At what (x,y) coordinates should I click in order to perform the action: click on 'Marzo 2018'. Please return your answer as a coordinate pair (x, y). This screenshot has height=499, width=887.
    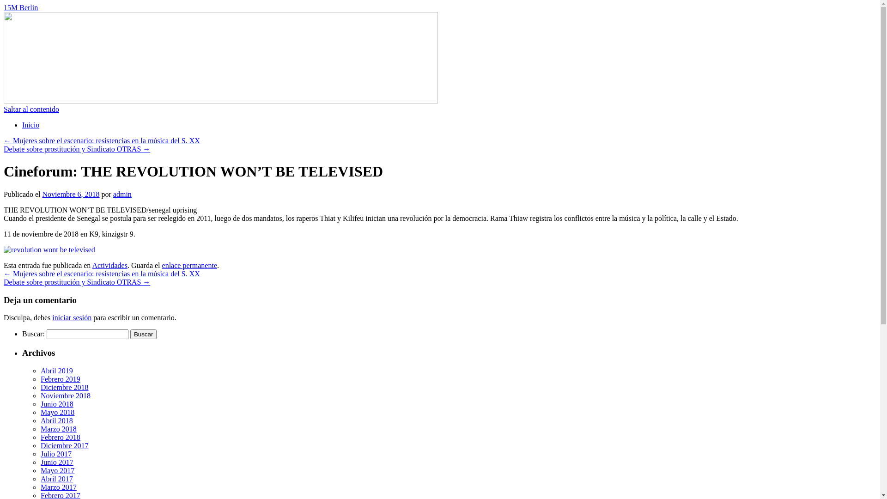
    Looking at the image, I should click on (40, 429).